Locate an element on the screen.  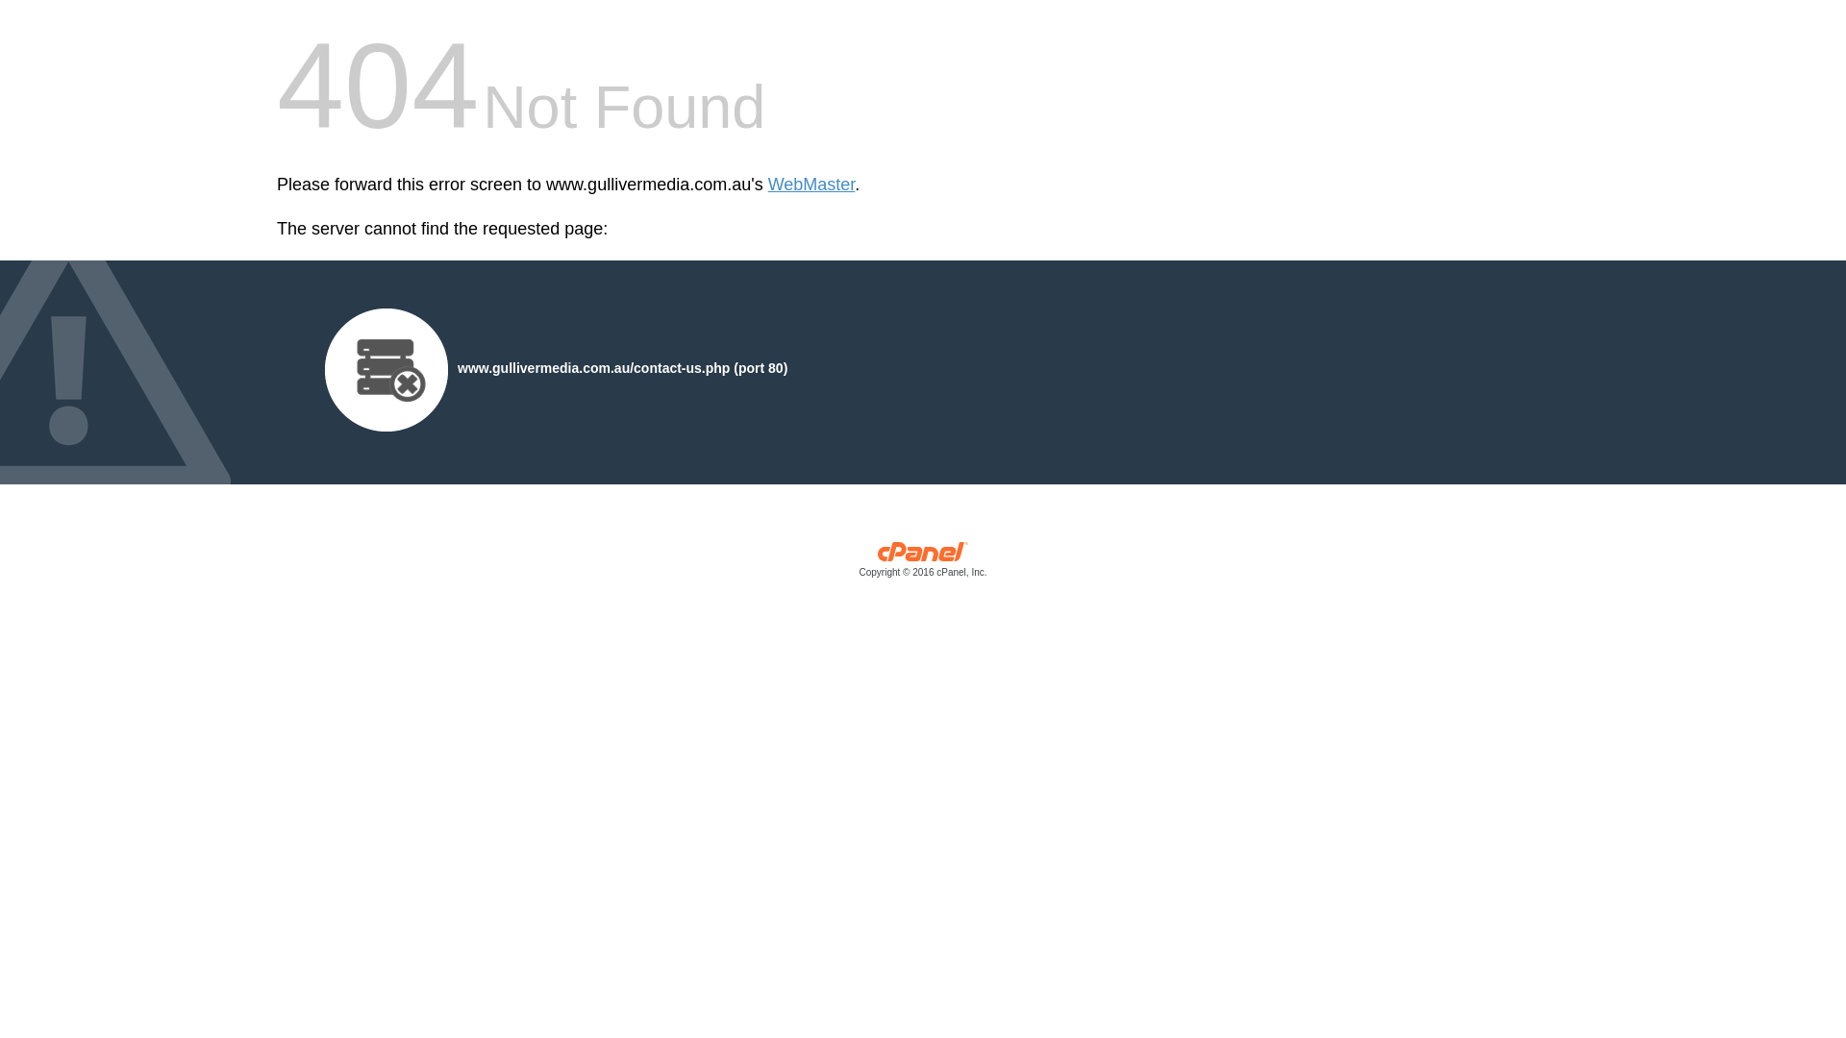
'WebMaster' is located at coordinates (811, 185).